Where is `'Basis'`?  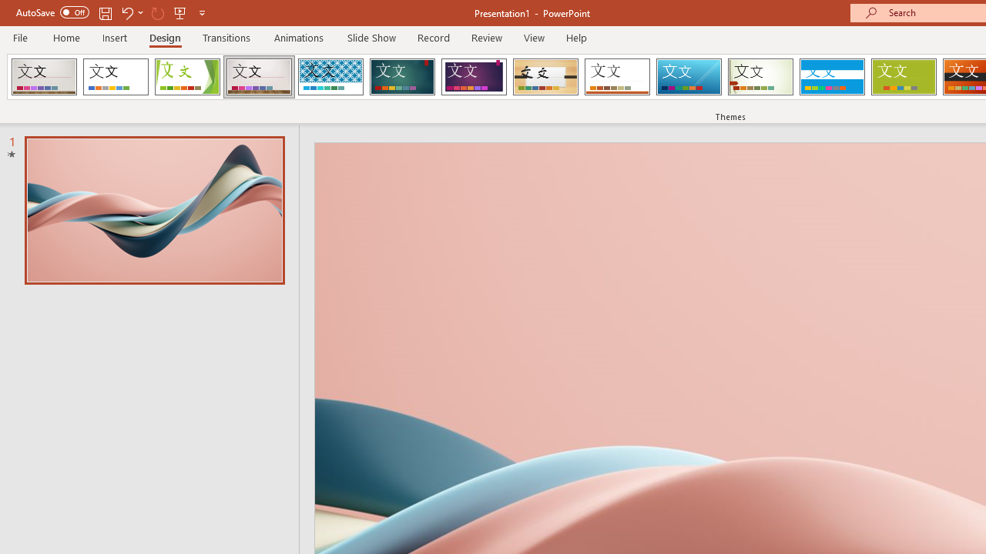
'Basis' is located at coordinates (904, 77).